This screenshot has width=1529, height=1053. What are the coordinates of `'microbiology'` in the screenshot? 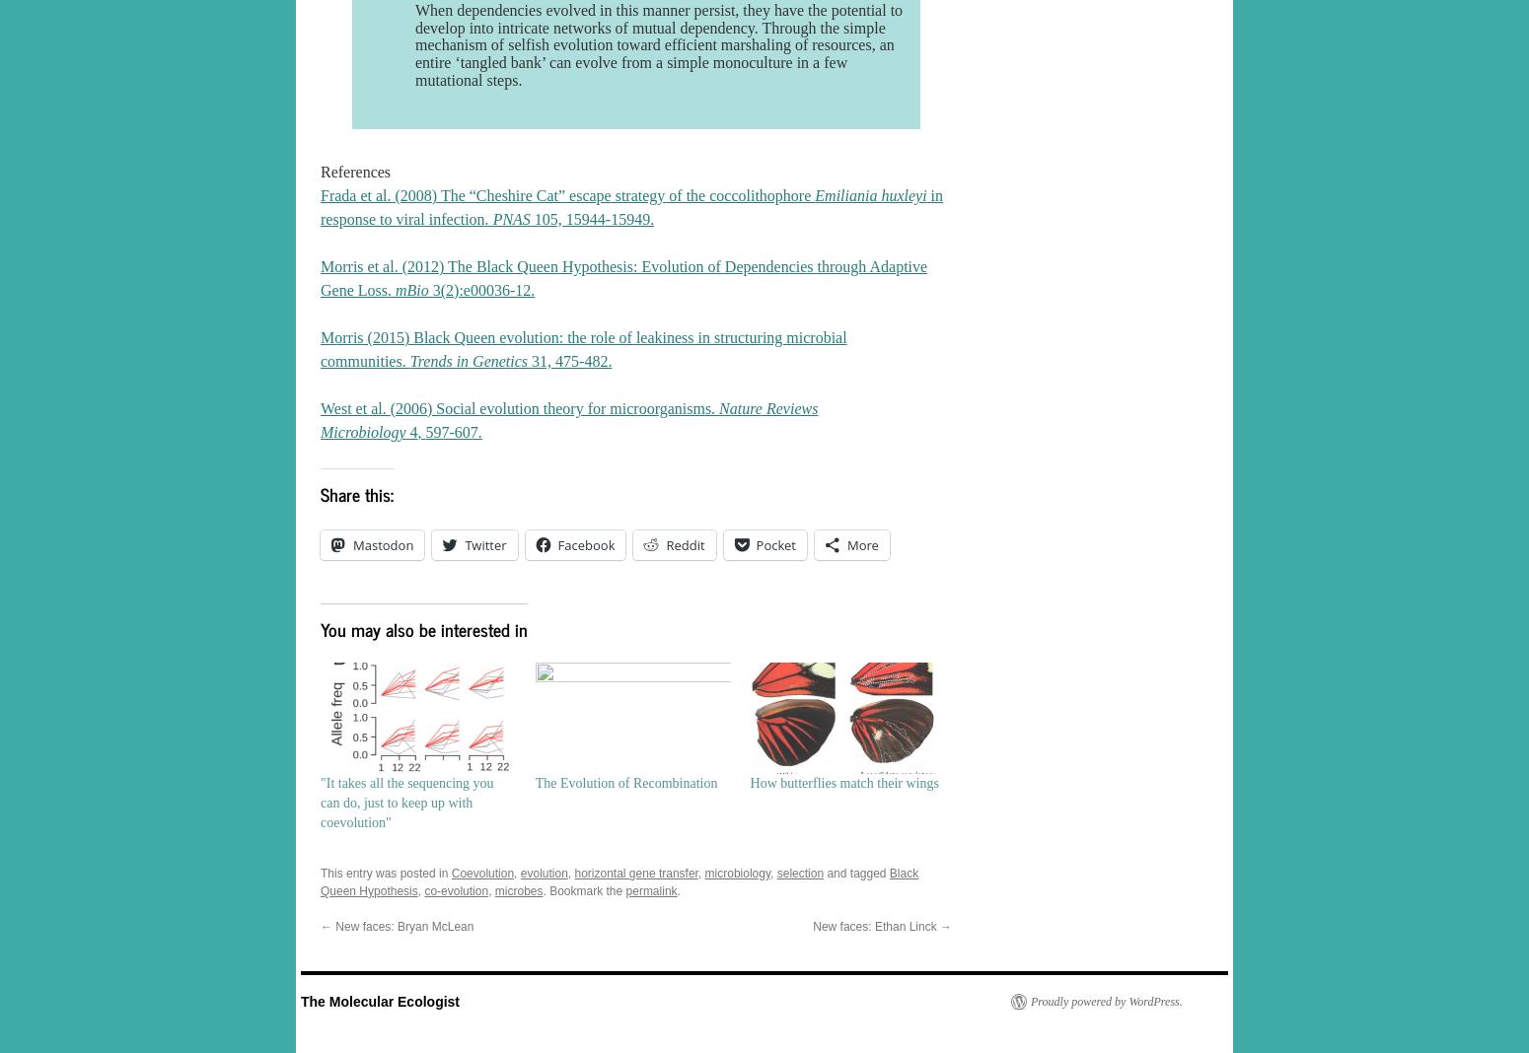 It's located at (737, 872).